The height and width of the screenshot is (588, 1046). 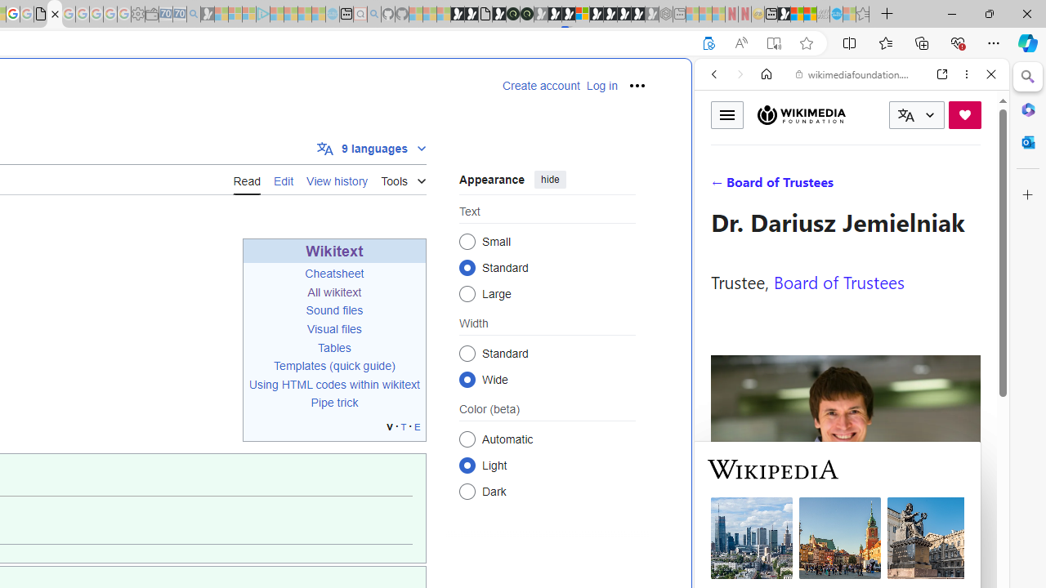 I want to click on 'Create account', so click(x=541, y=86).